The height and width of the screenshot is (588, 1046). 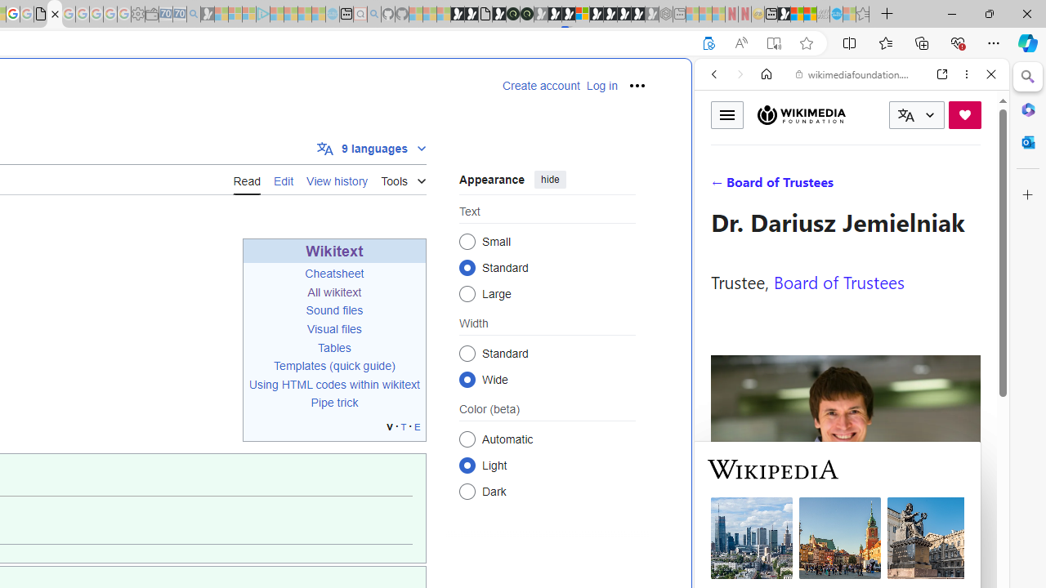 I want to click on 'Create account', so click(x=541, y=86).